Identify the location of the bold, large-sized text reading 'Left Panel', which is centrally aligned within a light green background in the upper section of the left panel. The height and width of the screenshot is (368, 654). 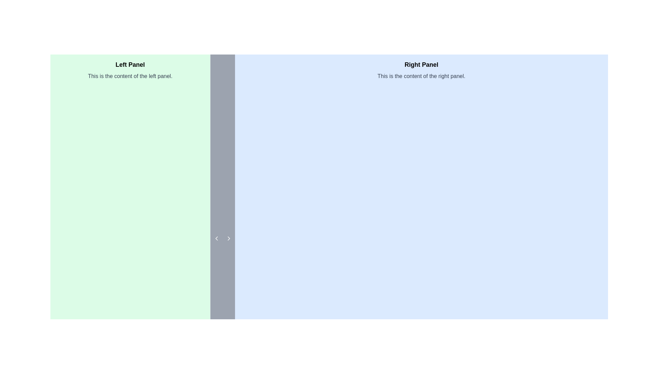
(130, 64).